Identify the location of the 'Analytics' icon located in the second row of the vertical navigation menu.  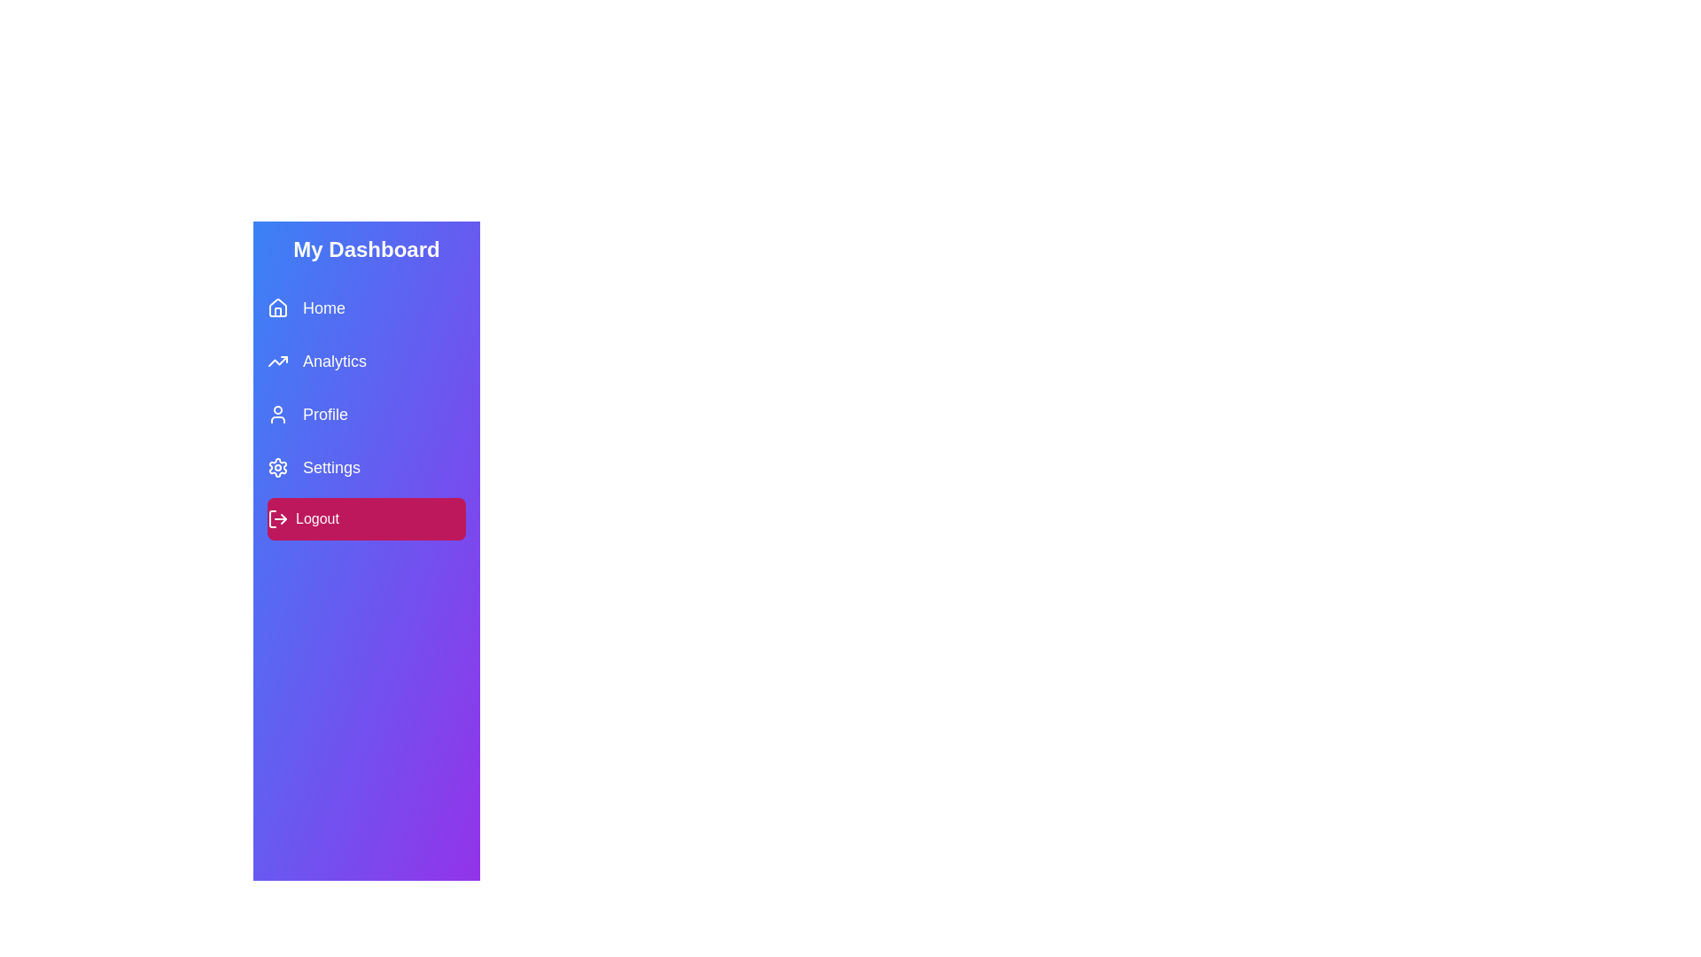
(276, 361).